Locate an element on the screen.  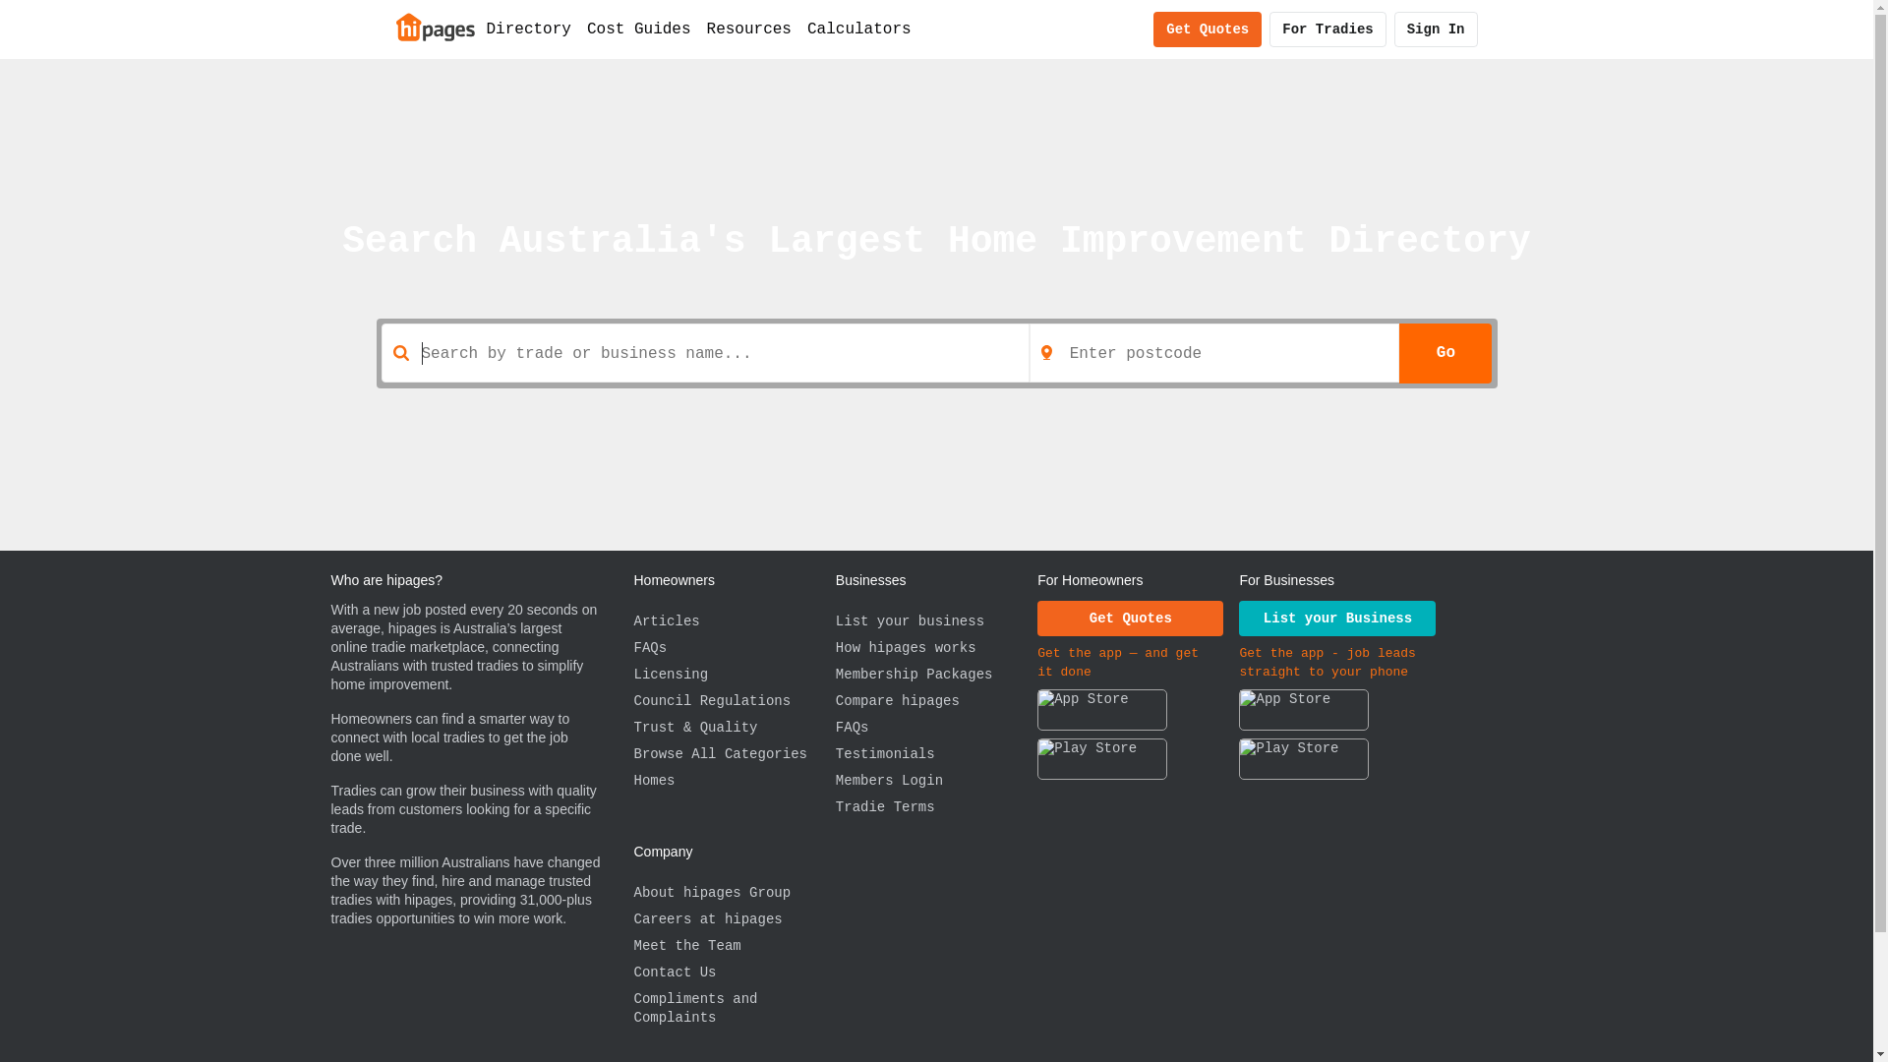
'FAQs' is located at coordinates (733, 648).